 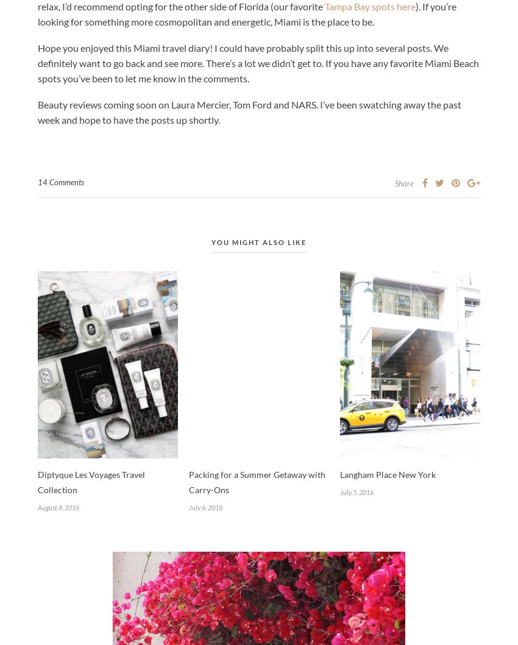 What do you see at coordinates (387, 474) in the screenshot?
I see `'Langham Place New York'` at bounding box center [387, 474].